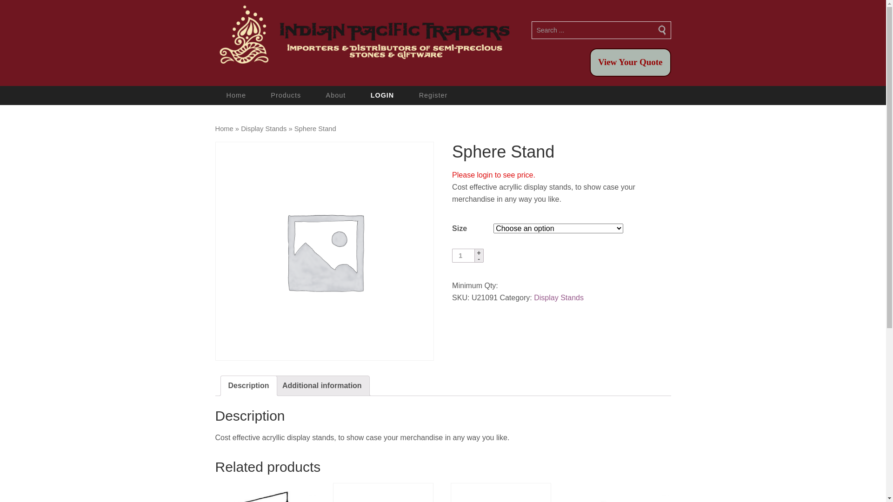 This screenshot has width=893, height=502. What do you see at coordinates (224, 129) in the screenshot?
I see `'Home'` at bounding box center [224, 129].